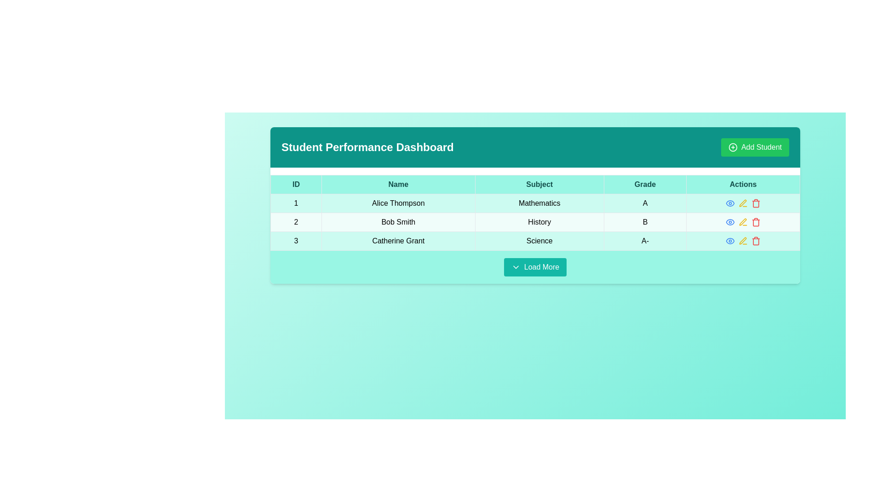 This screenshot has width=883, height=496. I want to click on the student name label located in the second column of the second row of the table, which is adjacent to the ID column on the left and the Subject column on the right, so click(398, 222).